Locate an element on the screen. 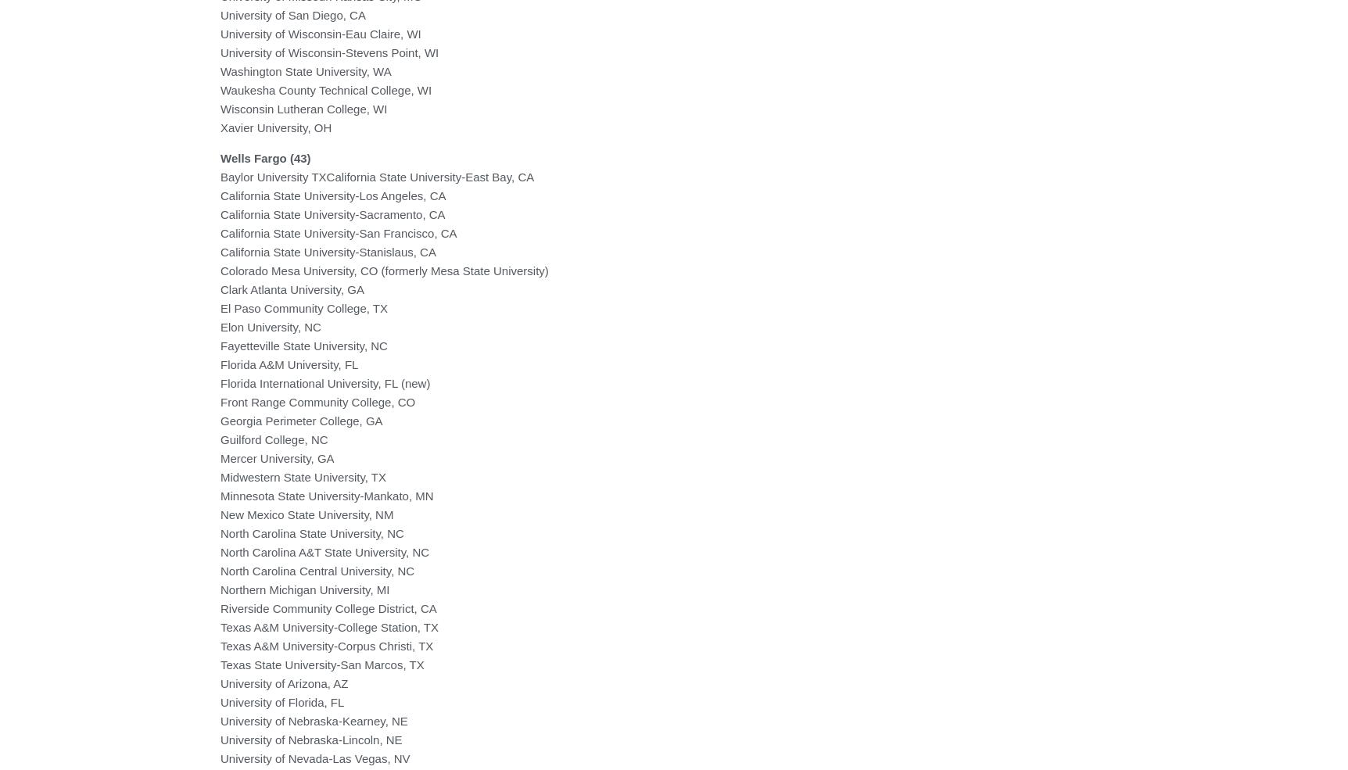 This screenshot has width=1348, height=770. 'El Paso Community College, TX' is located at coordinates (303, 307).